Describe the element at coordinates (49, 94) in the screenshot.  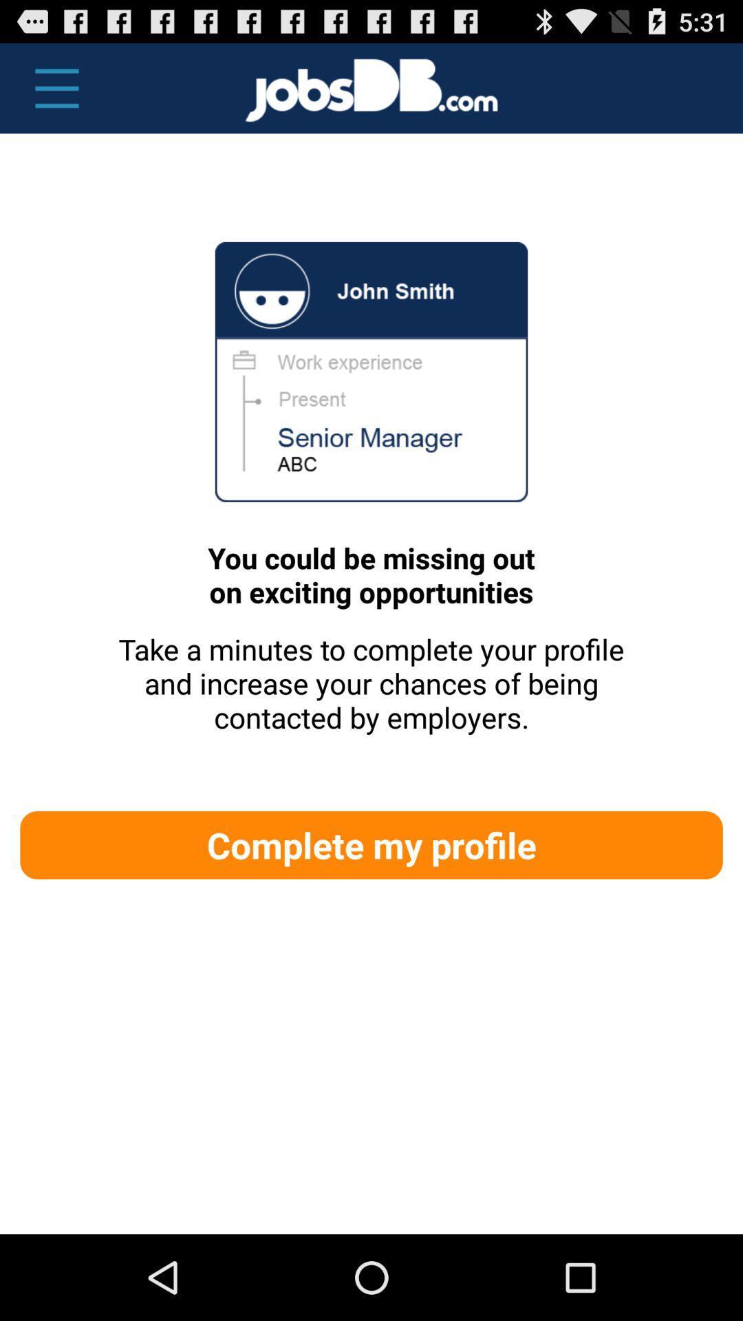
I see `the menu icon` at that location.